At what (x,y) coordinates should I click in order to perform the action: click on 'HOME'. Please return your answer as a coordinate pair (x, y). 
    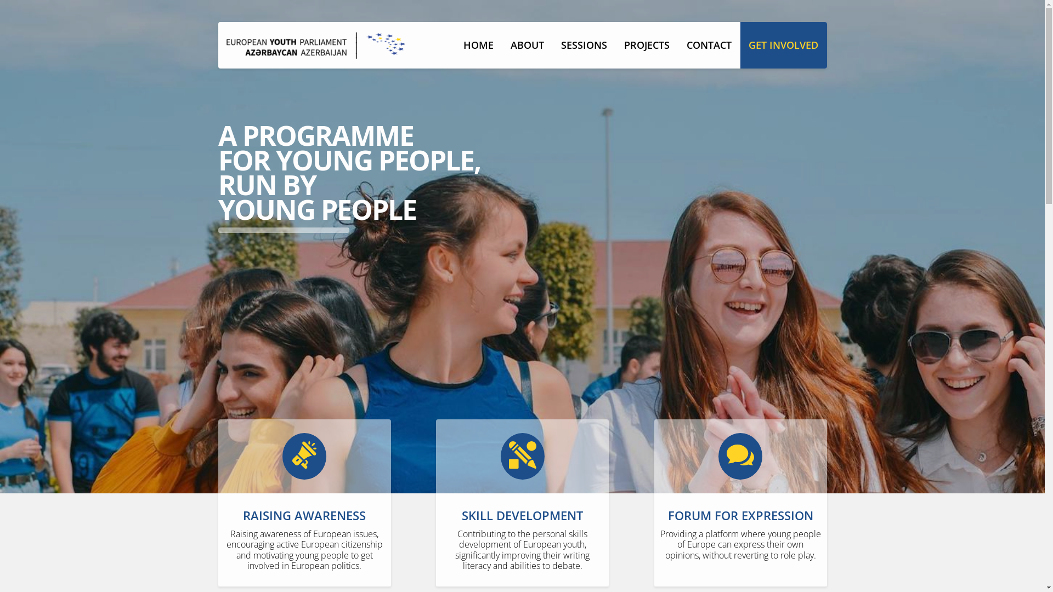
    Looking at the image, I should click on (479, 44).